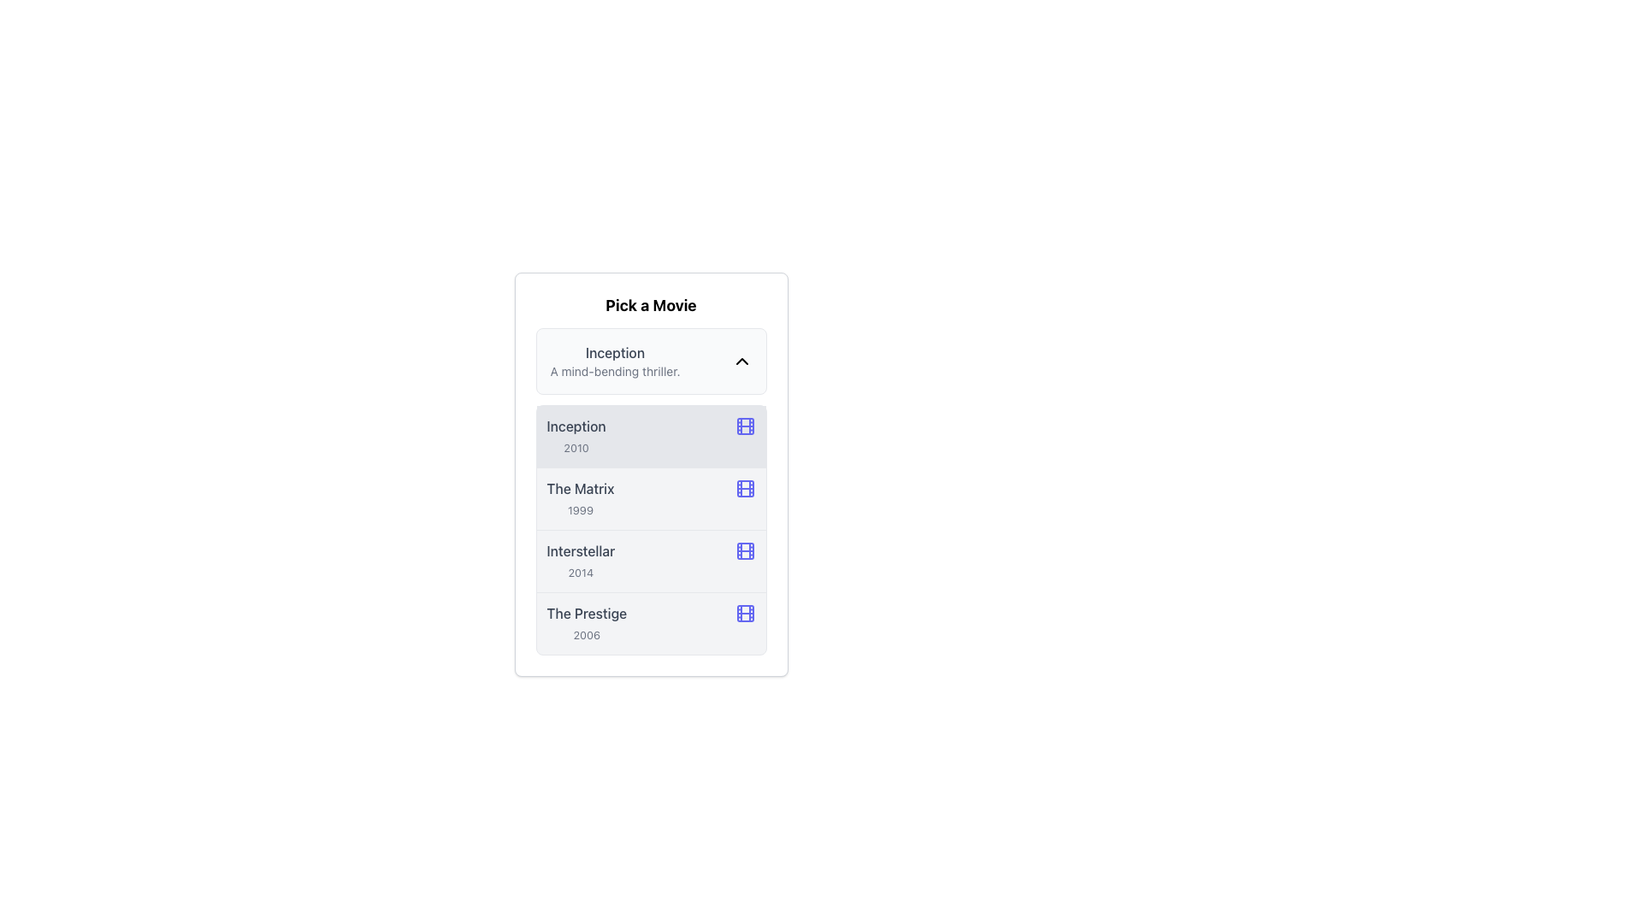 The image size is (1642, 923). Describe the element at coordinates (580, 488) in the screenshot. I see `the Static Text element that reads 'The Matrix', which is styled in gray and located below 'Inception' and above '1999'` at that location.